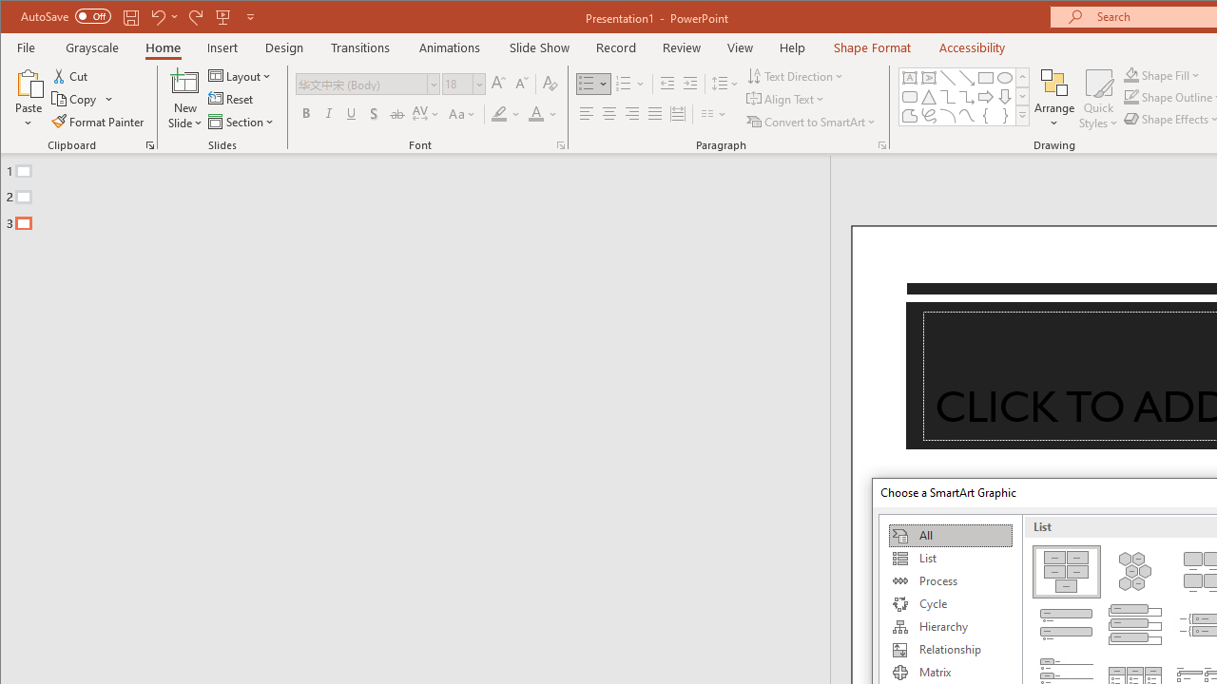  What do you see at coordinates (70, 75) in the screenshot?
I see `'Cut'` at bounding box center [70, 75].